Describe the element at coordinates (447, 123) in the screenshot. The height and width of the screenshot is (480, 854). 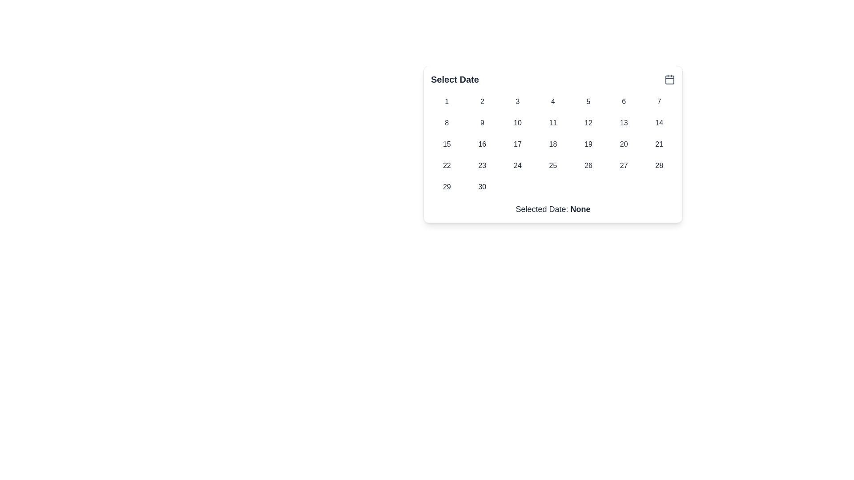
I see `the button displaying the number '8' located in the second row and first column of the date button grid within the 'Select Date' panel` at that location.